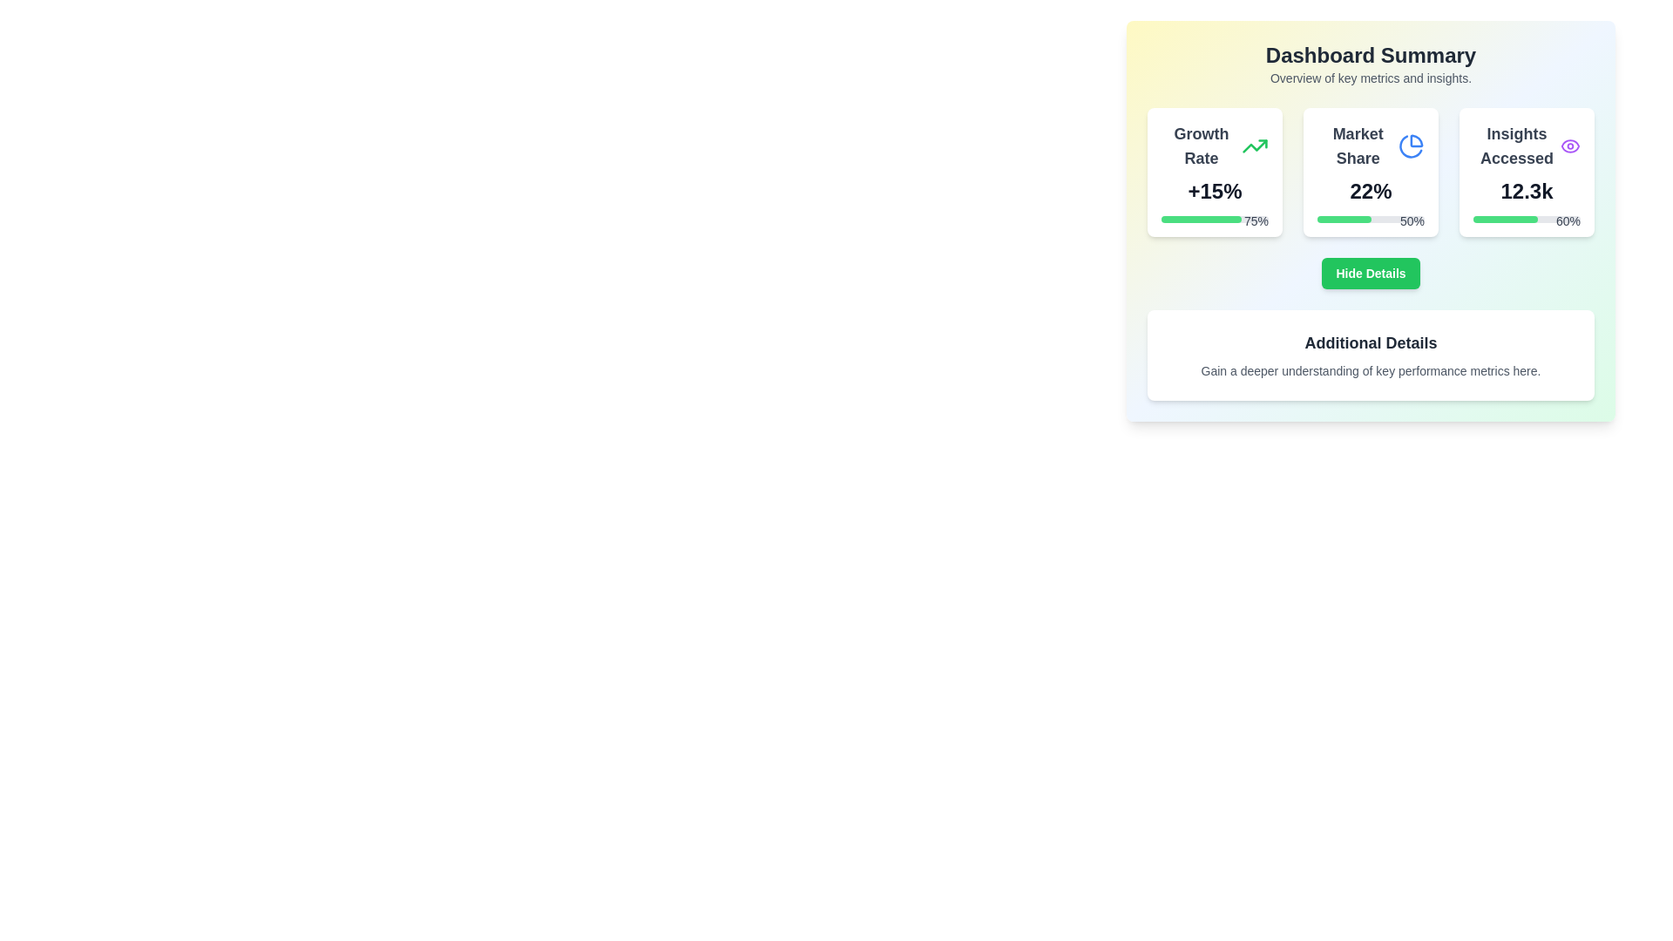 The height and width of the screenshot is (941, 1673). What do you see at coordinates (1412, 146) in the screenshot?
I see `the pie chart icon with a blue outline and white background located in the upper right corner of the 'Market Share' card next to the title text 'Market Share'` at bounding box center [1412, 146].